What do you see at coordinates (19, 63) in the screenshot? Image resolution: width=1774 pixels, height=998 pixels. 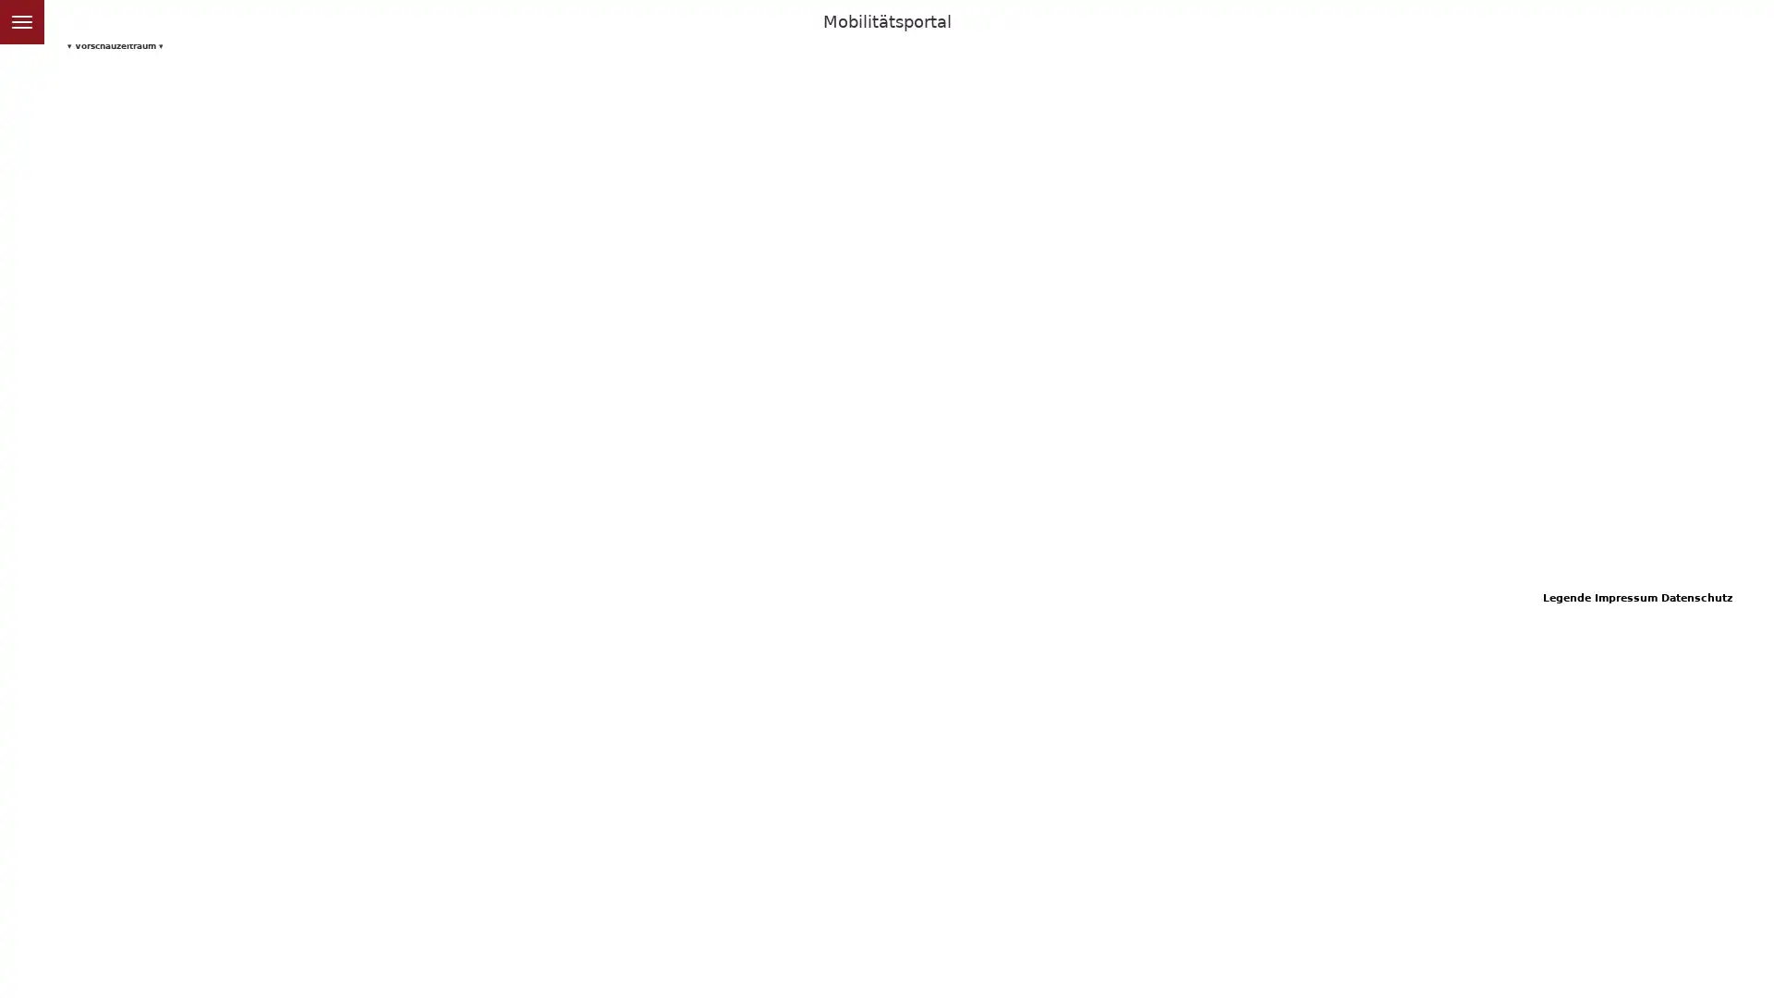 I see `+` at bounding box center [19, 63].